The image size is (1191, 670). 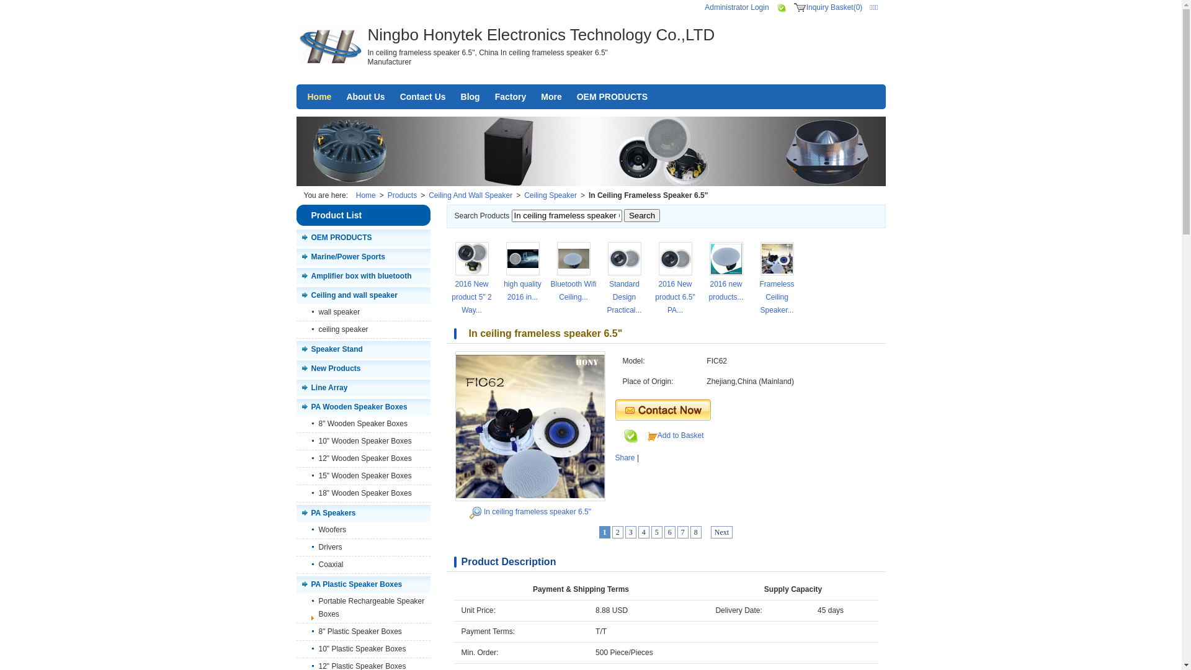 What do you see at coordinates (726, 290) in the screenshot?
I see `'2016 new products...'` at bounding box center [726, 290].